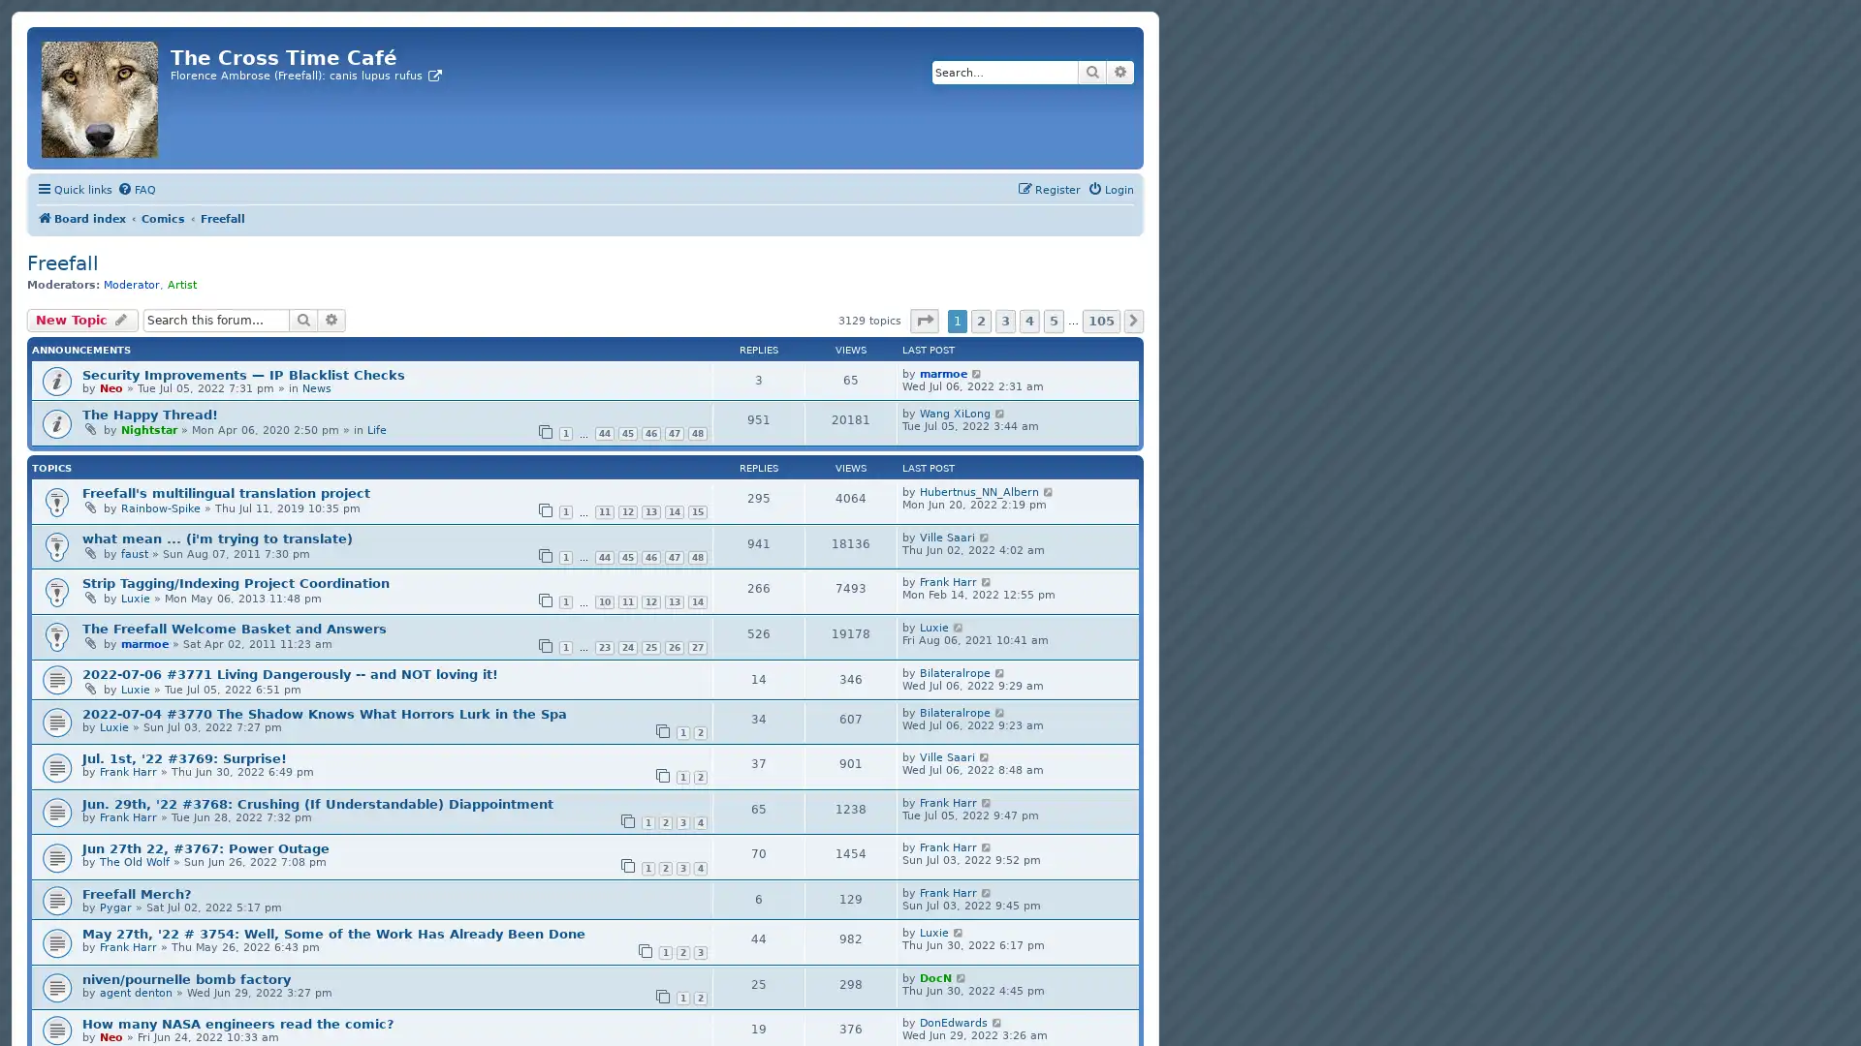 The width and height of the screenshot is (1861, 1046). Describe the element at coordinates (1053, 320) in the screenshot. I see `5` at that location.